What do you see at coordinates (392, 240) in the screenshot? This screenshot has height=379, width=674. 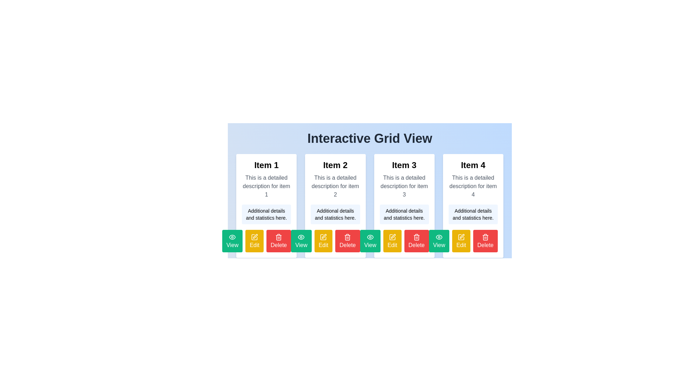 I see `the button designed to trigger the editing function for 'Item 3', which is the second button from the left in the horizontal group of buttons below the 'Item 3' content box` at bounding box center [392, 240].